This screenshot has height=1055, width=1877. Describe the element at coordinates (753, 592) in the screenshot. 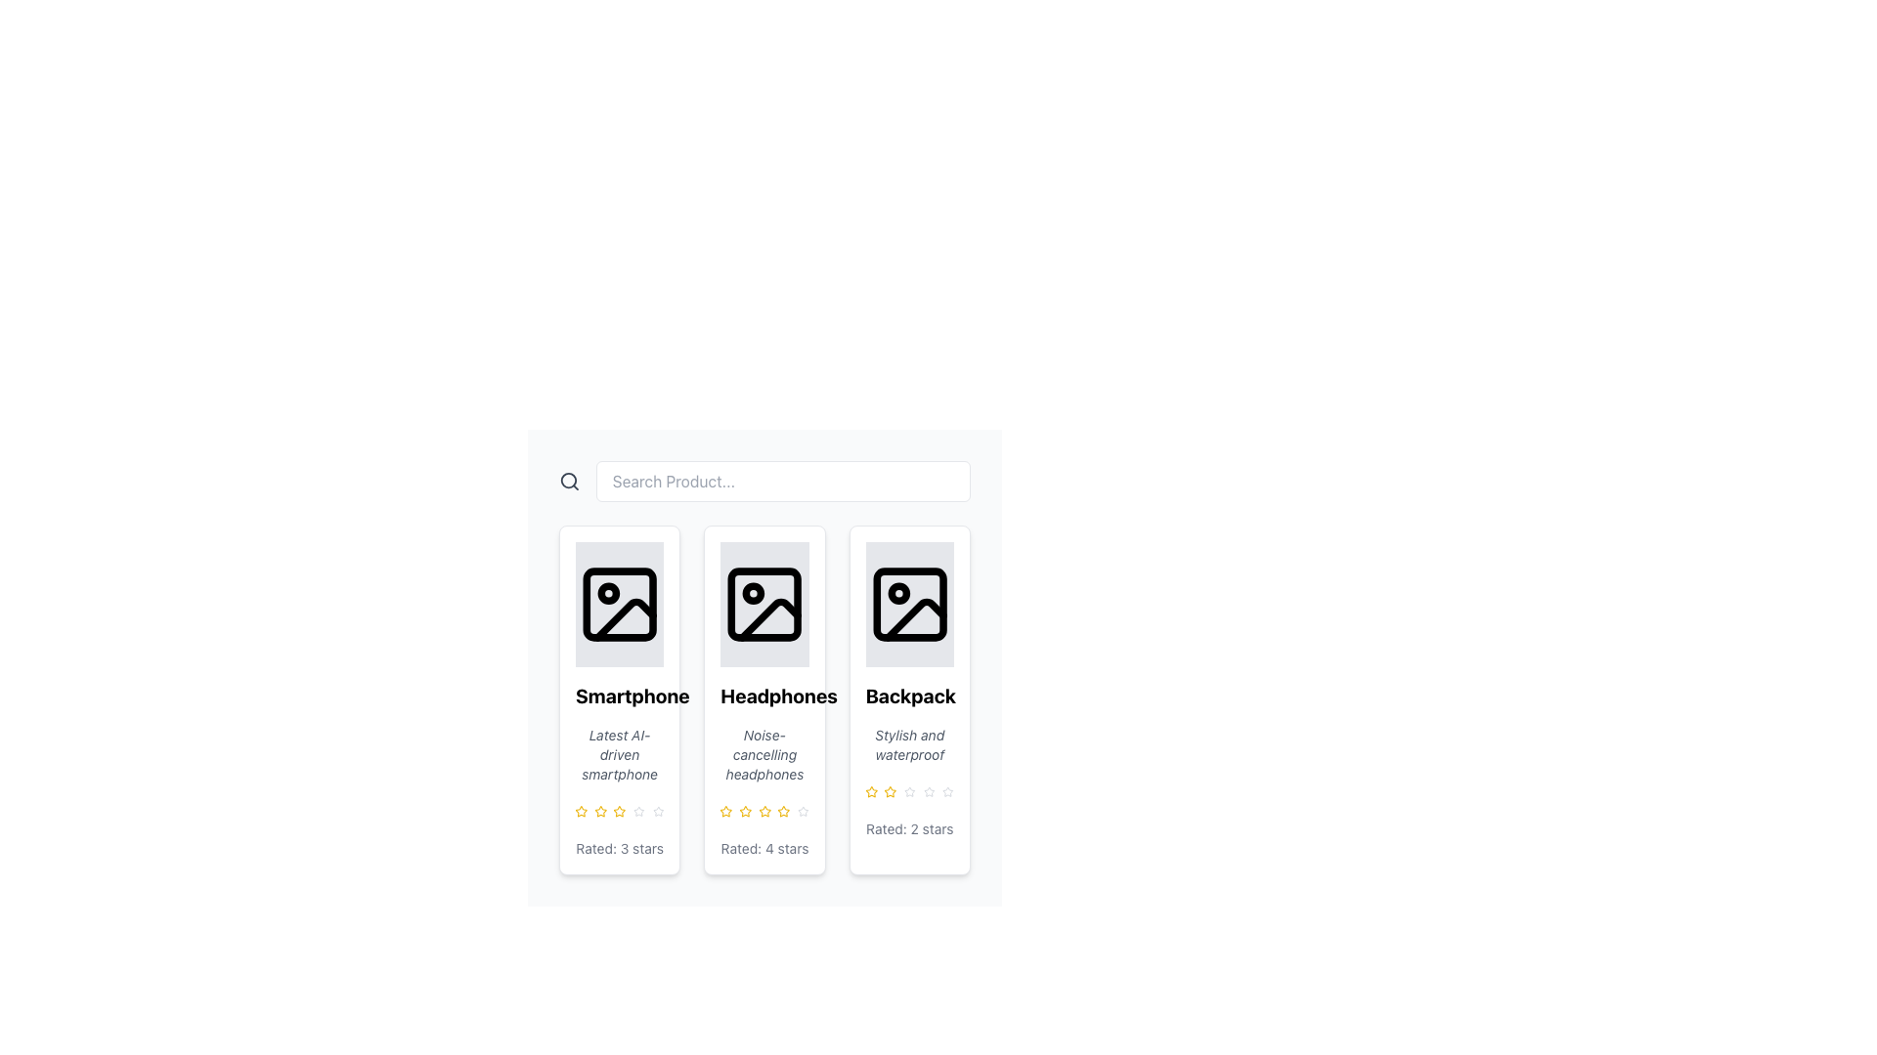

I see `the small circular icon located in the upper left corner of the image placeholder in the second product card of the grid` at that location.